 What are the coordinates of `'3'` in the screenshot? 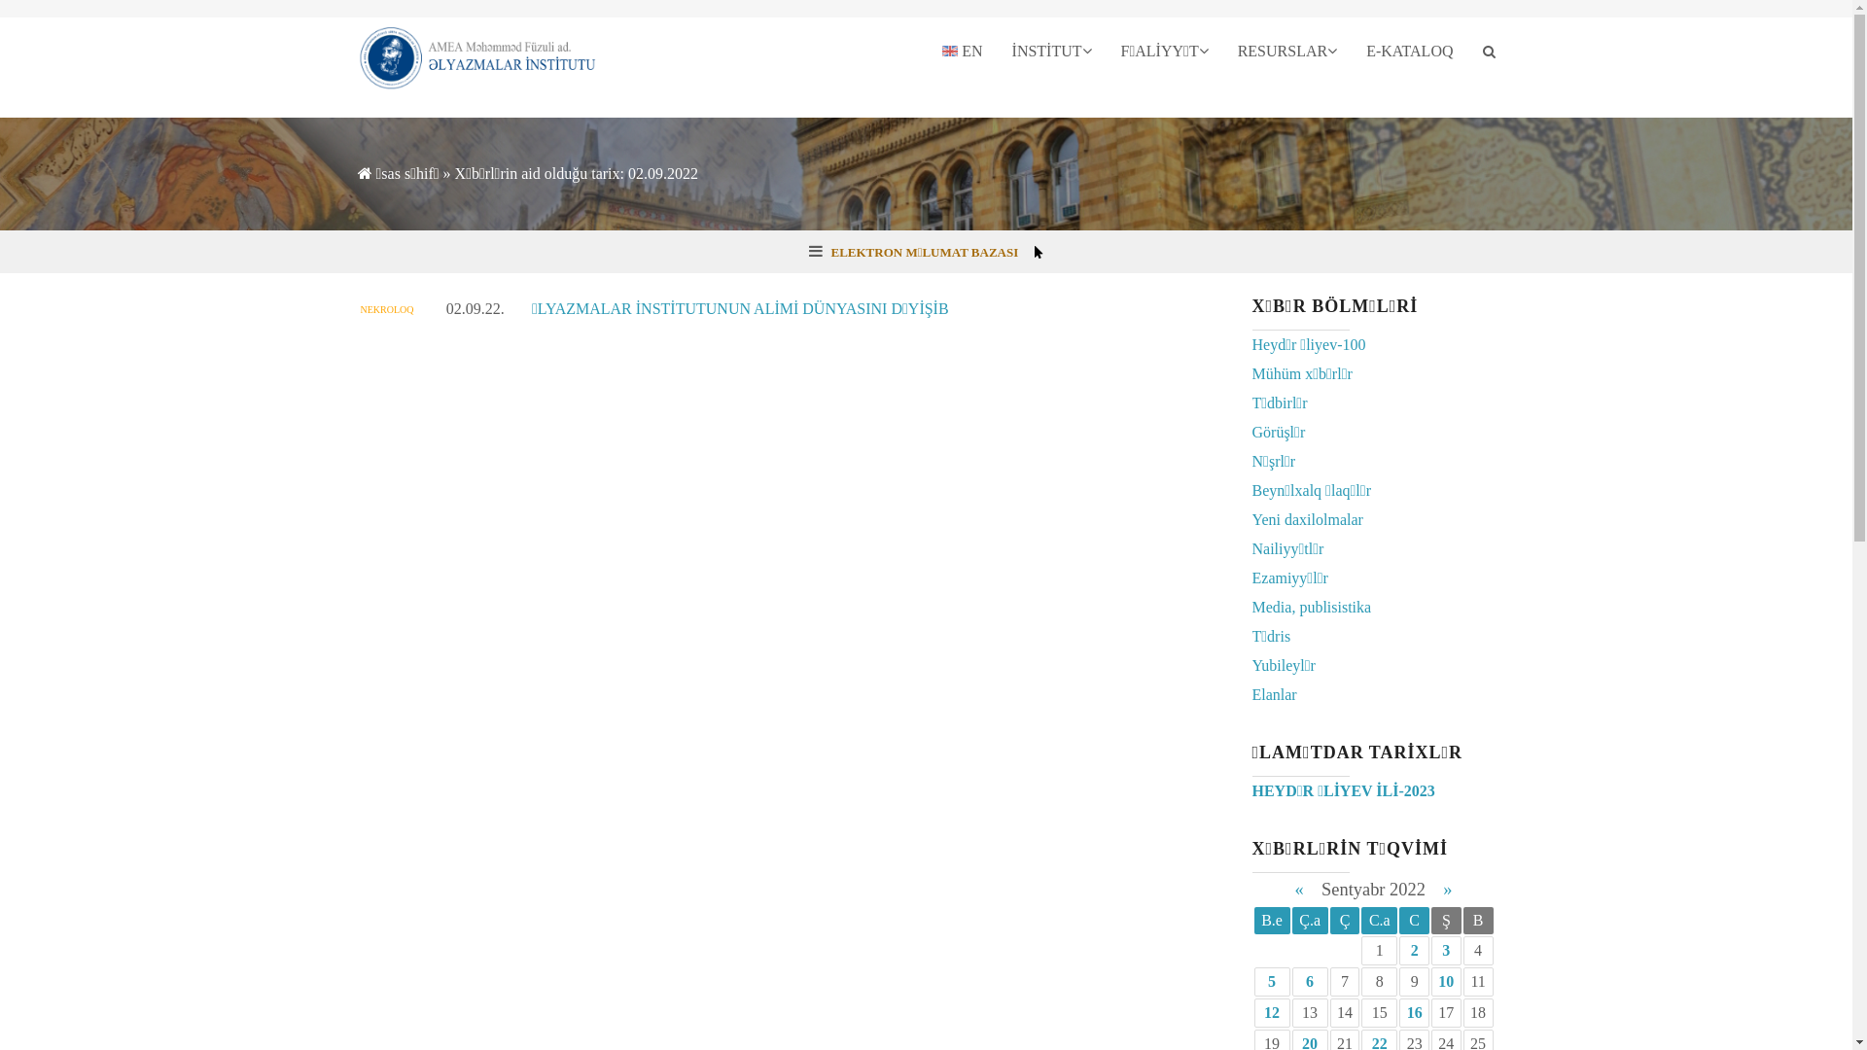 It's located at (1446, 949).